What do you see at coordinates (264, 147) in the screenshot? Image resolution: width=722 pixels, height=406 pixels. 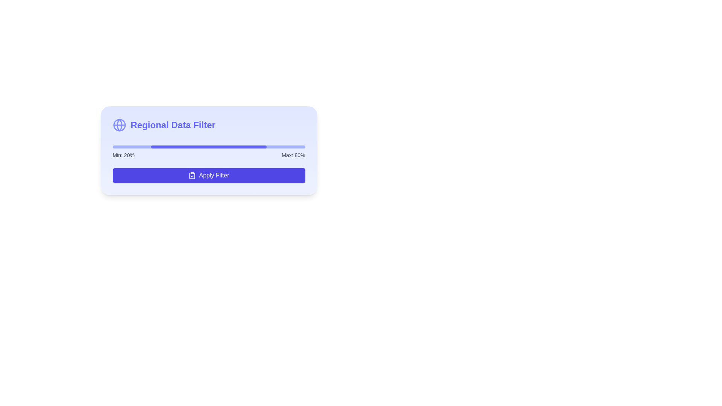 I see `the filter value` at bounding box center [264, 147].